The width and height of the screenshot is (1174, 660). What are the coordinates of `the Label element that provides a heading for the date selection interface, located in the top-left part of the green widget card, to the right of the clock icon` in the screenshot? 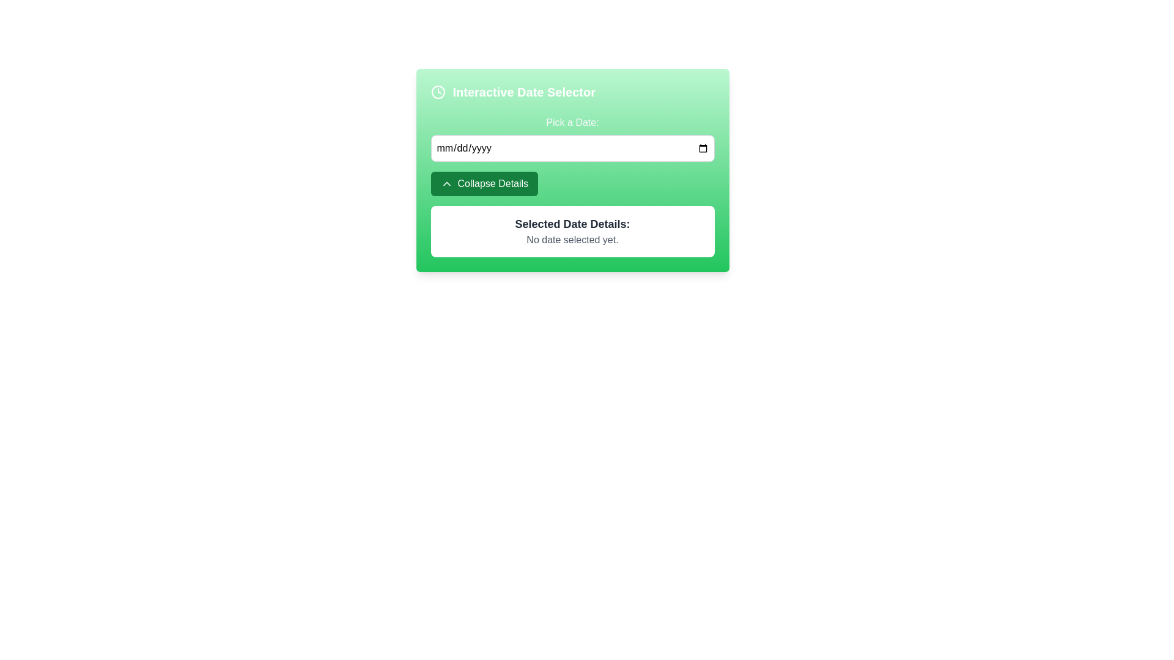 It's located at (524, 91).